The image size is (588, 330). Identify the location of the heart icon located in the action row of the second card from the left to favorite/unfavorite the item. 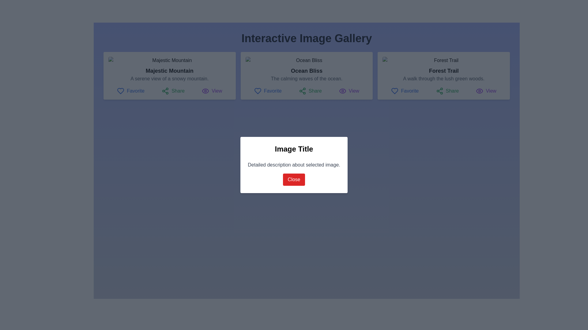
(258, 91).